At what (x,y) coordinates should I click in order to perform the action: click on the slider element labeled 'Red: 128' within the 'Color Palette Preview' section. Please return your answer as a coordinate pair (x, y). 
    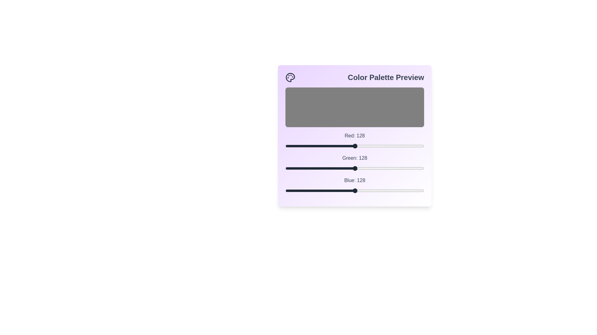
    Looking at the image, I should click on (355, 141).